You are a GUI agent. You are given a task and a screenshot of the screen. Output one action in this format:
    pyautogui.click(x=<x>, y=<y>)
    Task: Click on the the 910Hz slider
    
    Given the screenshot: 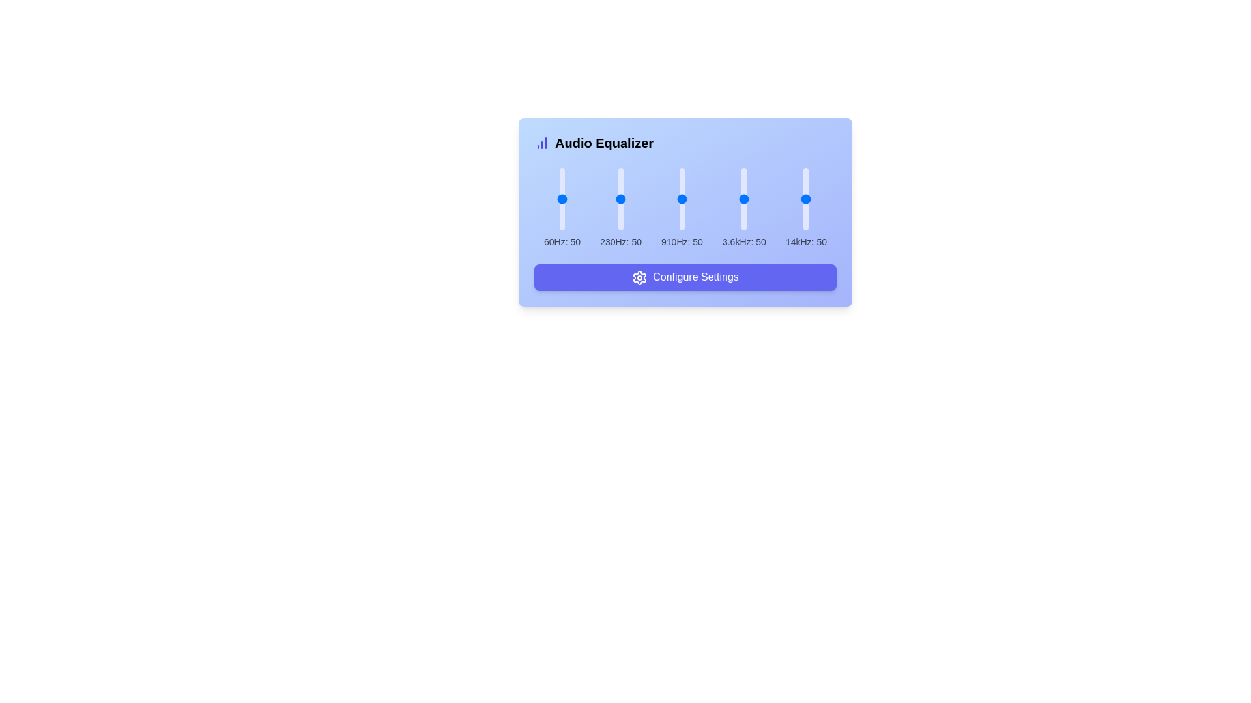 What is the action you would take?
    pyautogui.click(x=681, y=211)
    